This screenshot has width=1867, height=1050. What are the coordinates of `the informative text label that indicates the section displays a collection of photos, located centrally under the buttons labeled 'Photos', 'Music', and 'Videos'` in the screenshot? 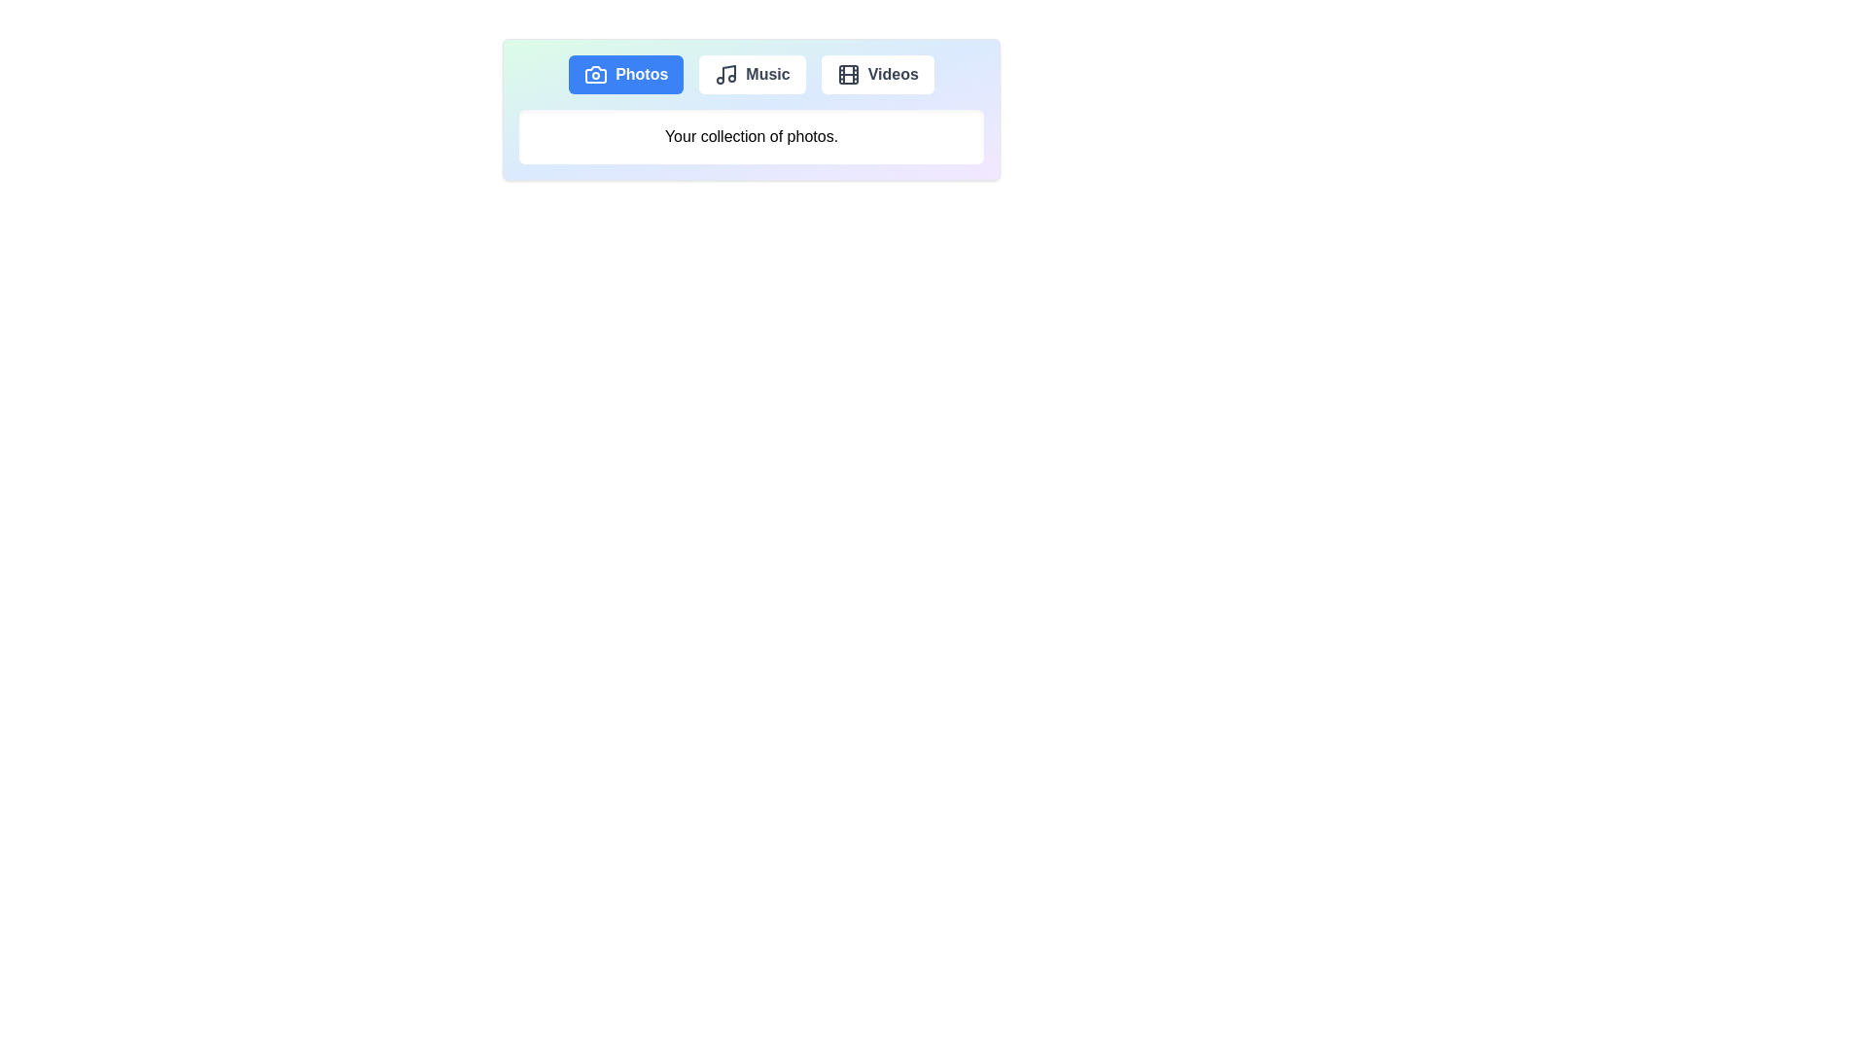 It's located at (750, 136).